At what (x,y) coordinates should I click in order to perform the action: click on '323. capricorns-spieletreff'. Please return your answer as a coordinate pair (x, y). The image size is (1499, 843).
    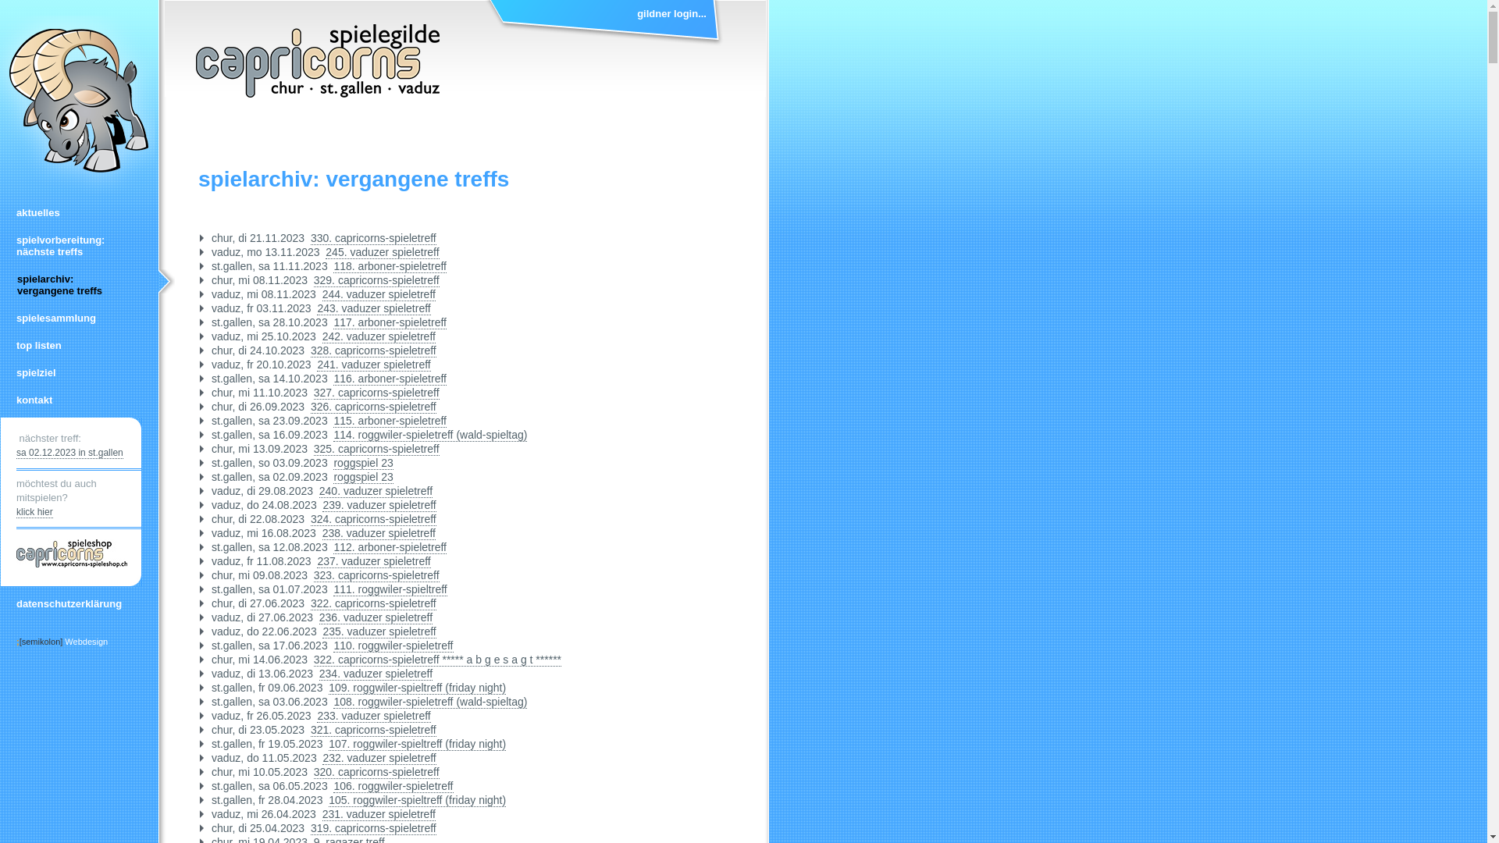
    Looking at the image, I should click on (376, 575).